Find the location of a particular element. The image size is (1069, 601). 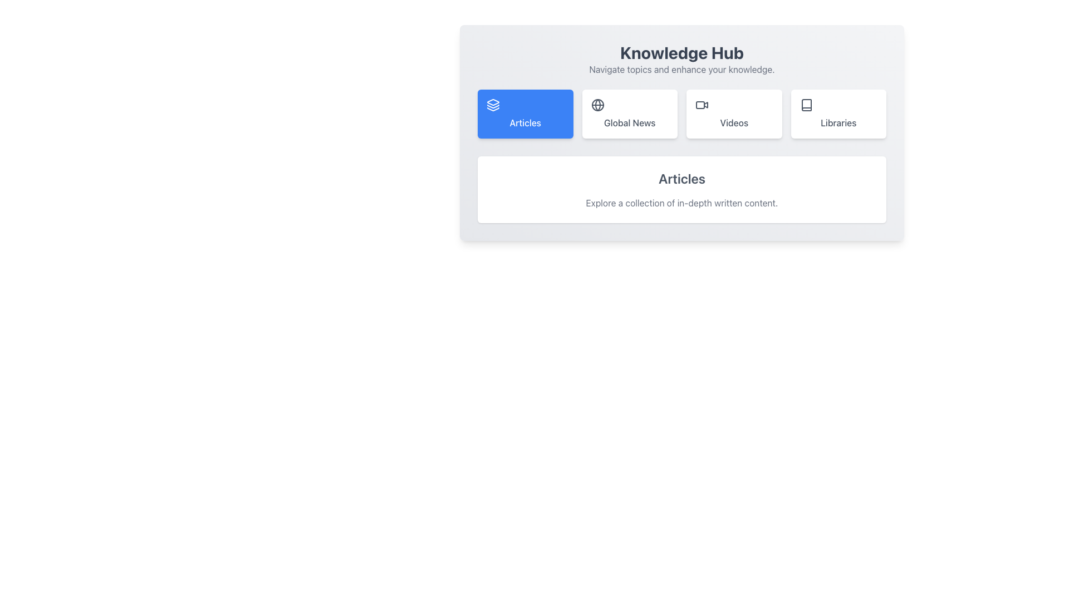

the blue Interactive Card Button labeled 'Articles' located at the top-left corner of the card grid is located at coordinates (524, 114).